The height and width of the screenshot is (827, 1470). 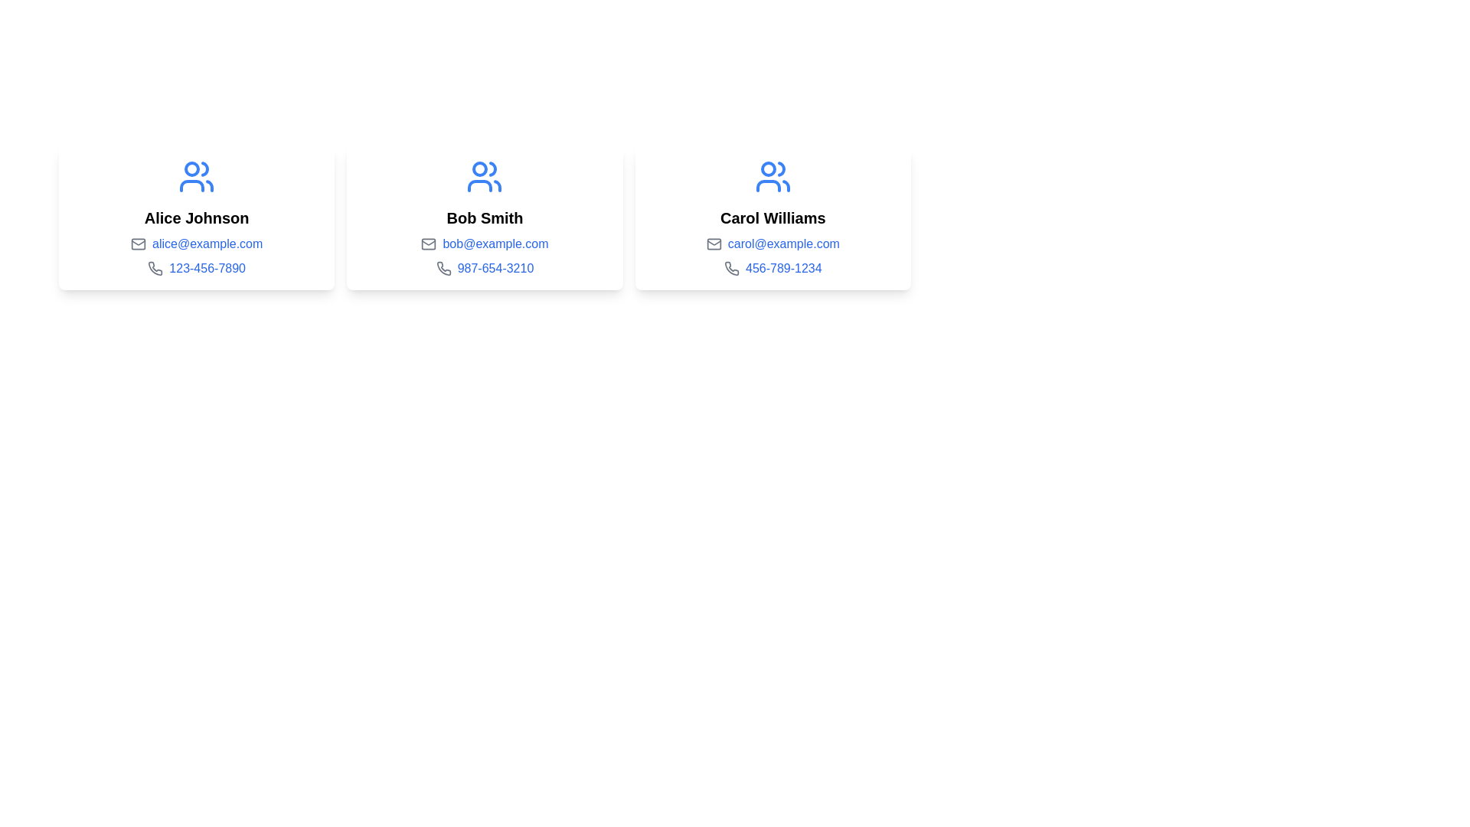 What do you see at coordinates (429, 244) in the screenshot?
I see `the small gray envelope icon located to the left of the email address 'bob@example.com' in the card interface` at bounding box center [429, 244].